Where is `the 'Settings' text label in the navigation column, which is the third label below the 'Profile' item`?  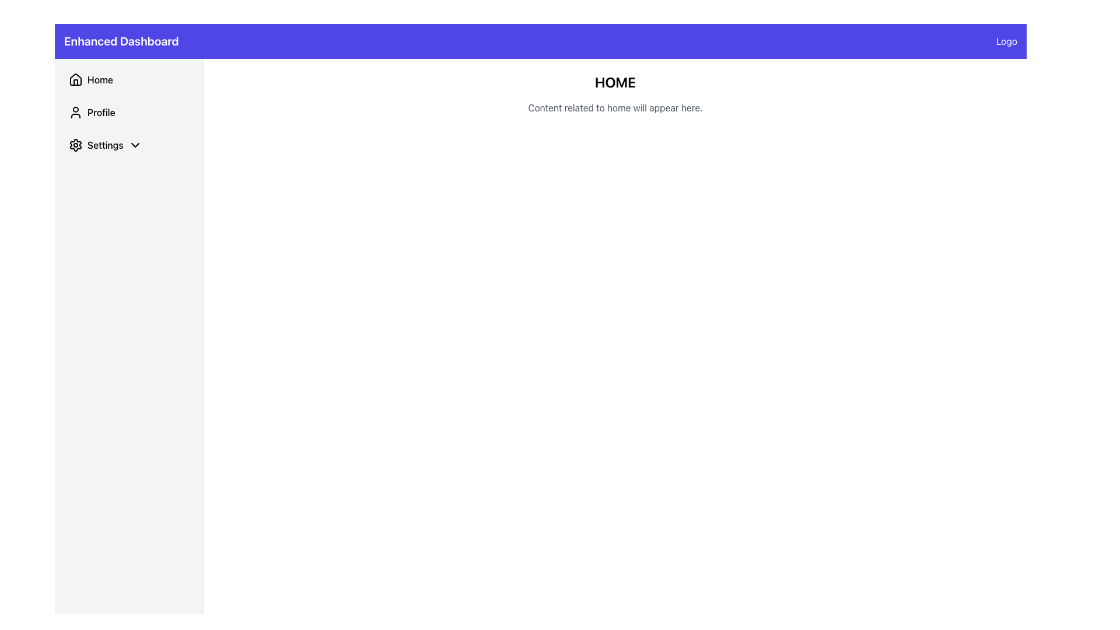
the 'Settings' text label in the navigation column, which is the third label below the 'Profile' item is located at coordinates (105, 145).